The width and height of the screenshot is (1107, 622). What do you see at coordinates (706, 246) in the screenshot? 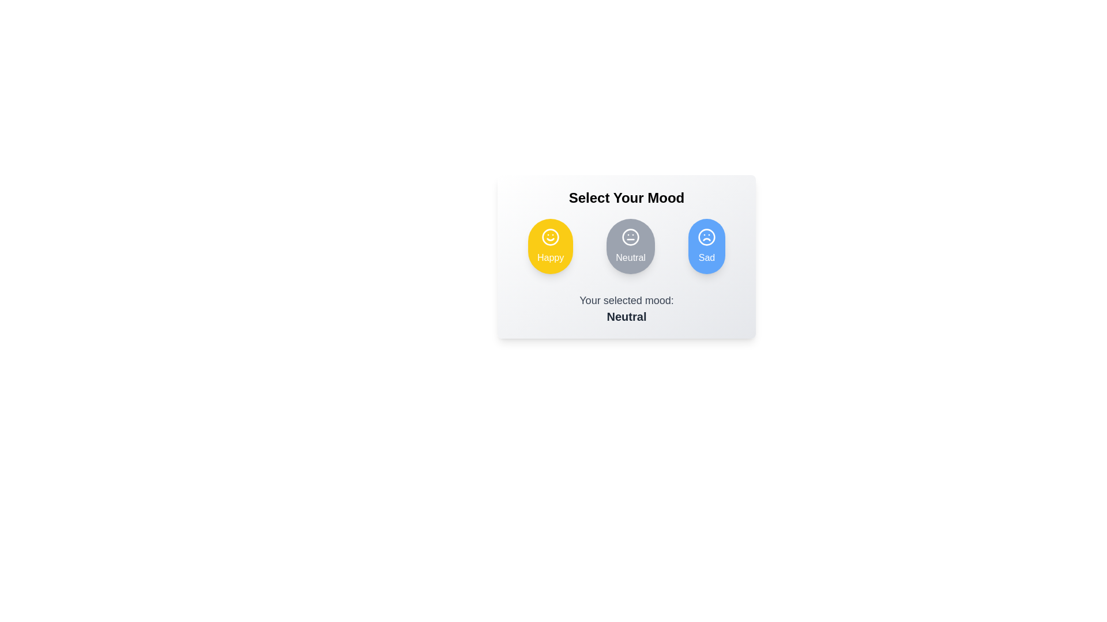
I see `the 'Sad' mood selection button using keyboard tabbing` at bounding box center [706, 246].